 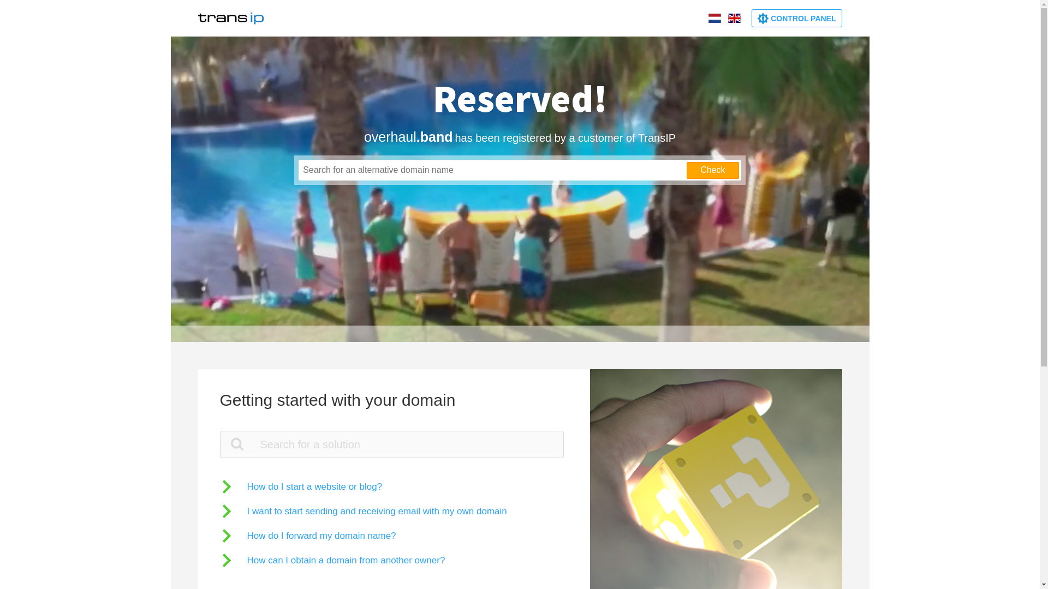 I want to click on 'How can I obtain a domain from another owner?', so click(x=331, y=560).